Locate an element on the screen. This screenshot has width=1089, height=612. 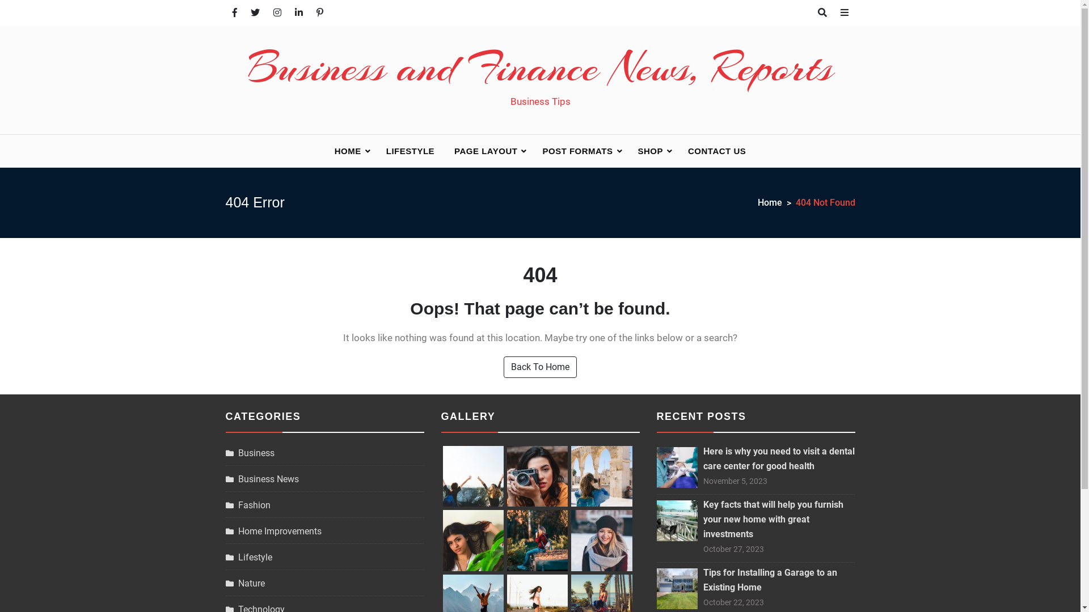
'SHOP' is located at coordinates (628, 150).